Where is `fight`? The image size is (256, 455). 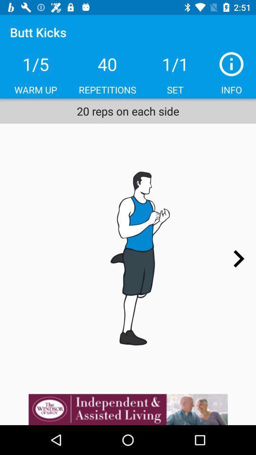
fight is located at coordinates (128, 258).